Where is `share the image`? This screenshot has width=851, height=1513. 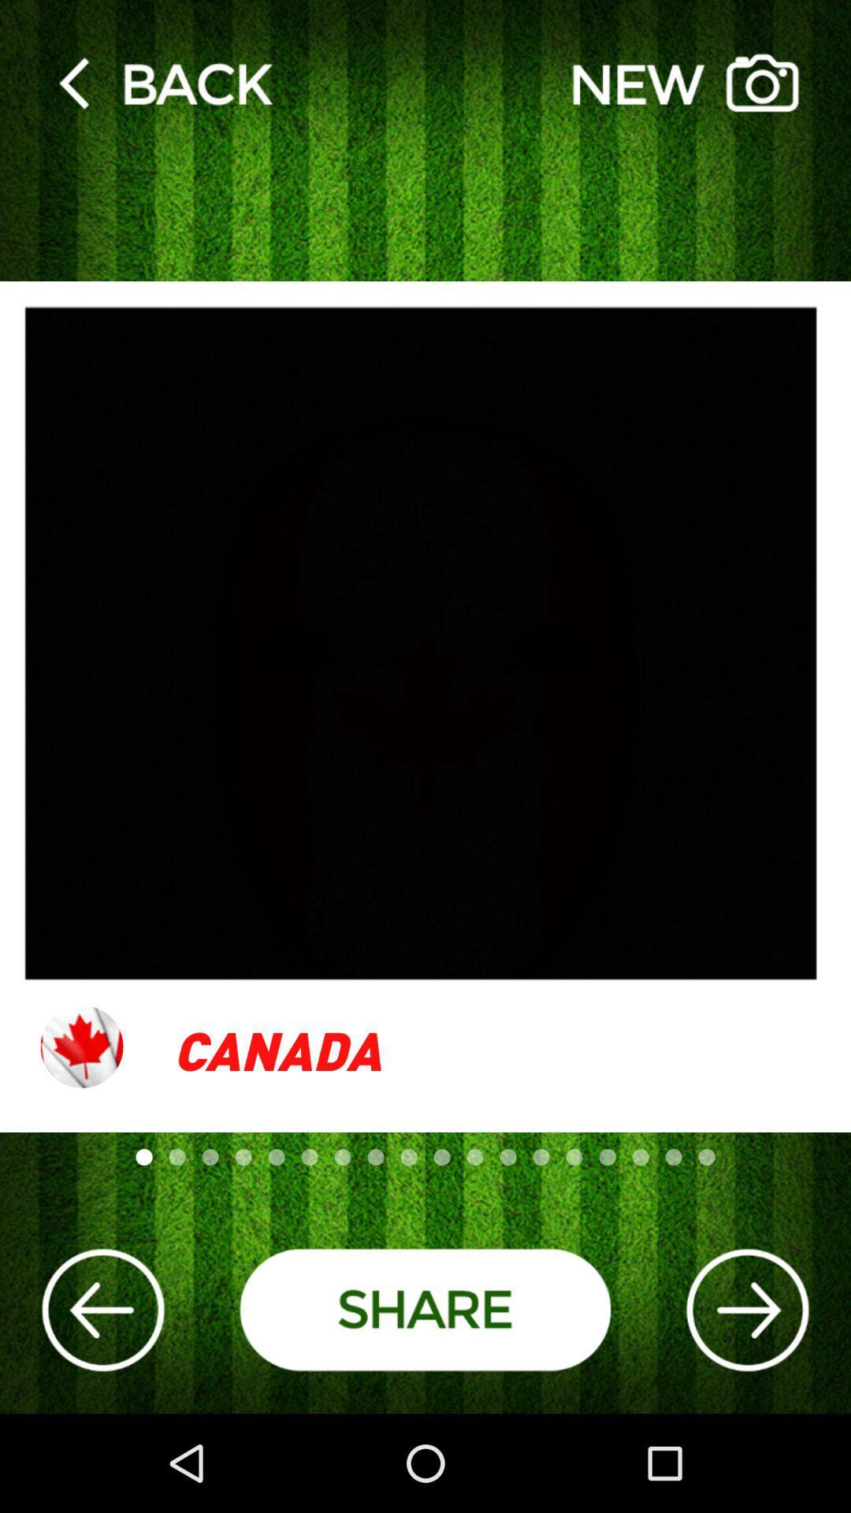 share the image is located at coordinates (425, 1310).